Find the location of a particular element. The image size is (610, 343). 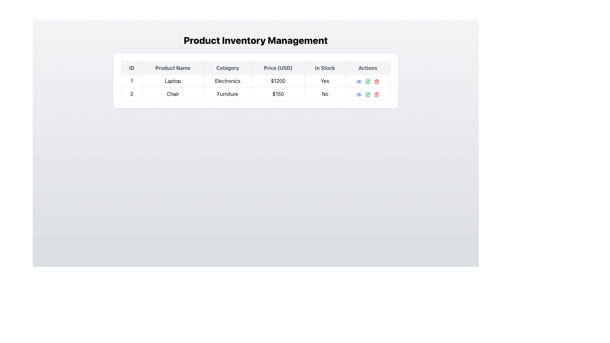

the first row of the product data table is located at coordinates (256, 87).